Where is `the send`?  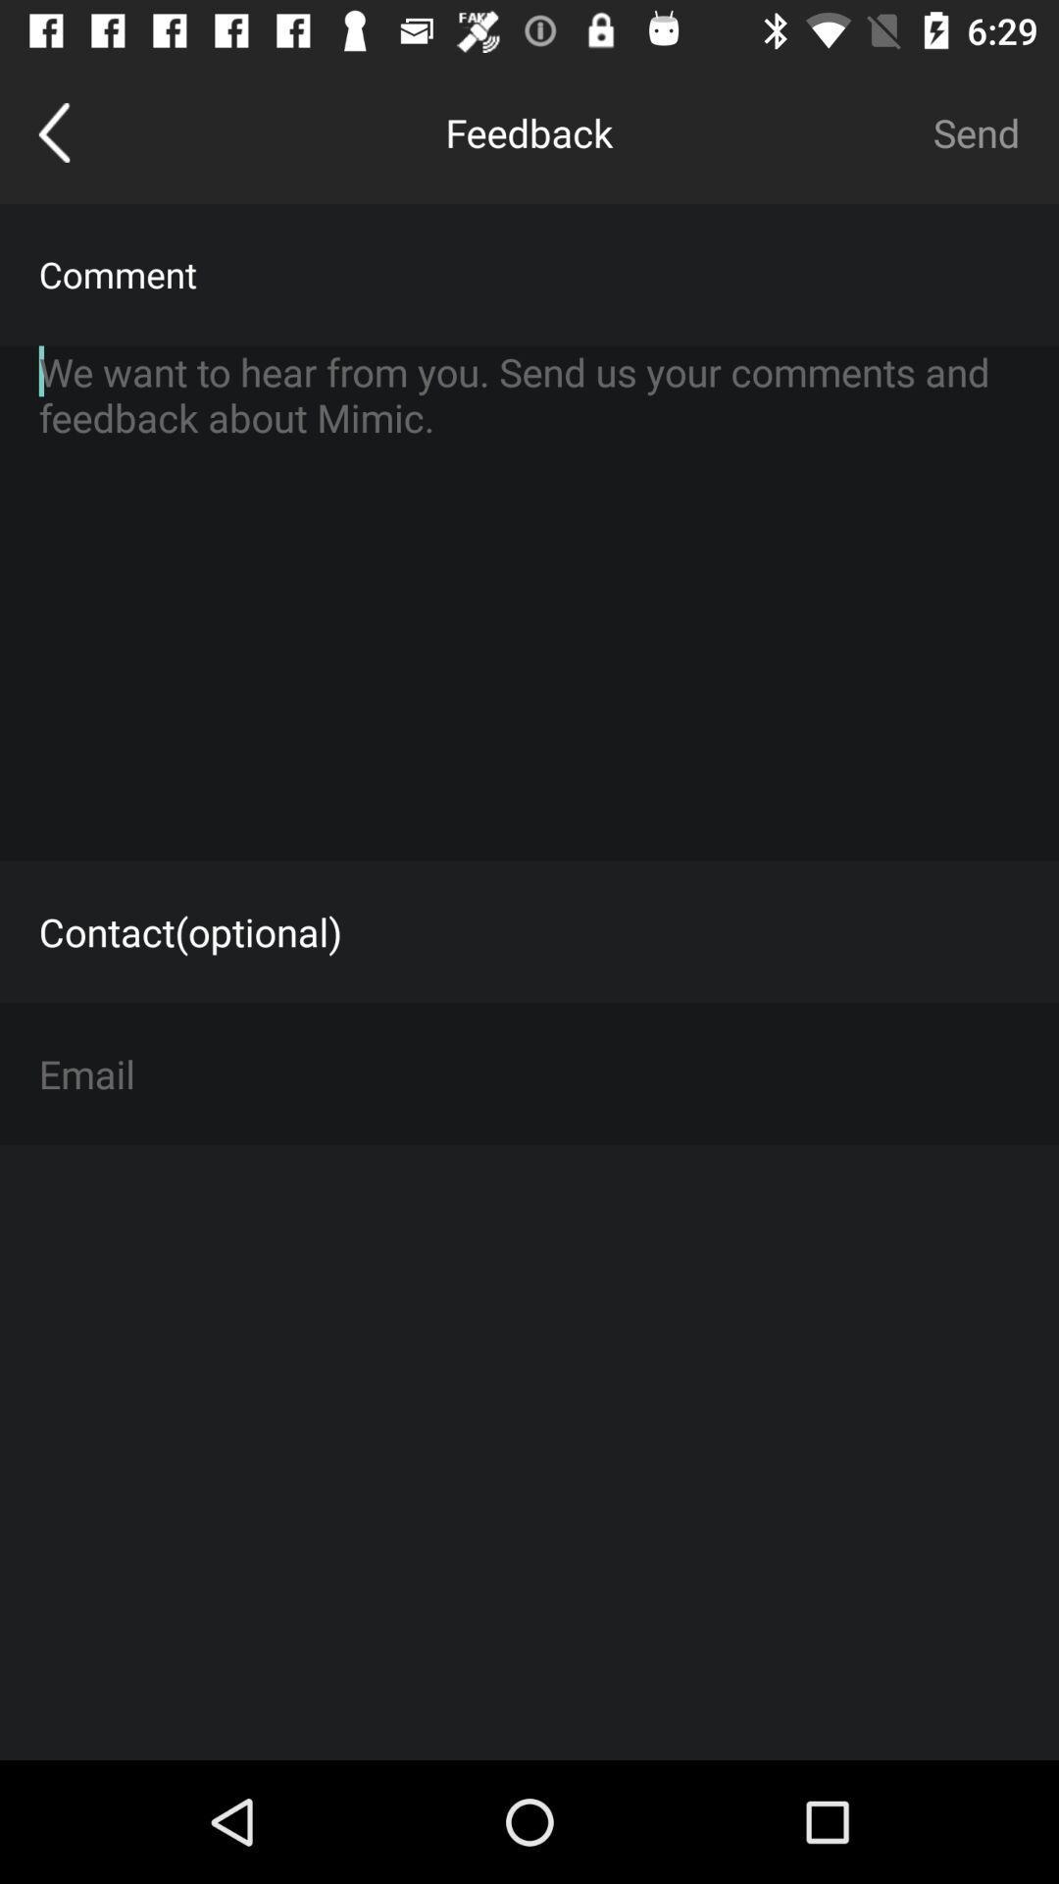
the send is located at coordinates (976, 131).